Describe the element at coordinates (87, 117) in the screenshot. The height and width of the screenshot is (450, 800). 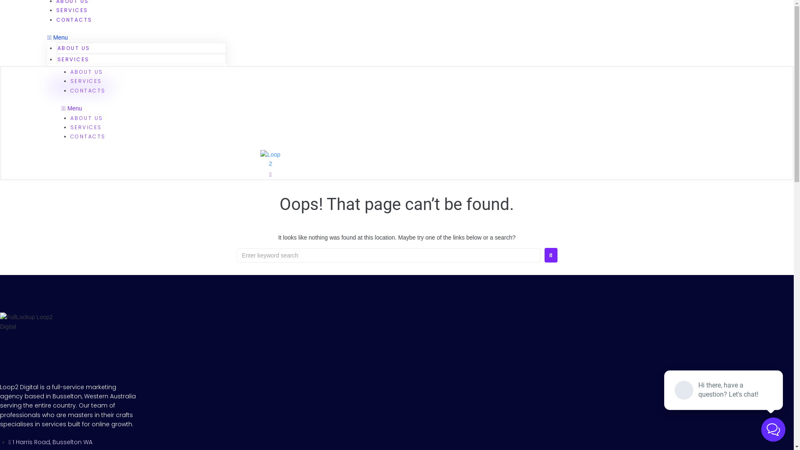
I see `'ABOUT US'` at that location.